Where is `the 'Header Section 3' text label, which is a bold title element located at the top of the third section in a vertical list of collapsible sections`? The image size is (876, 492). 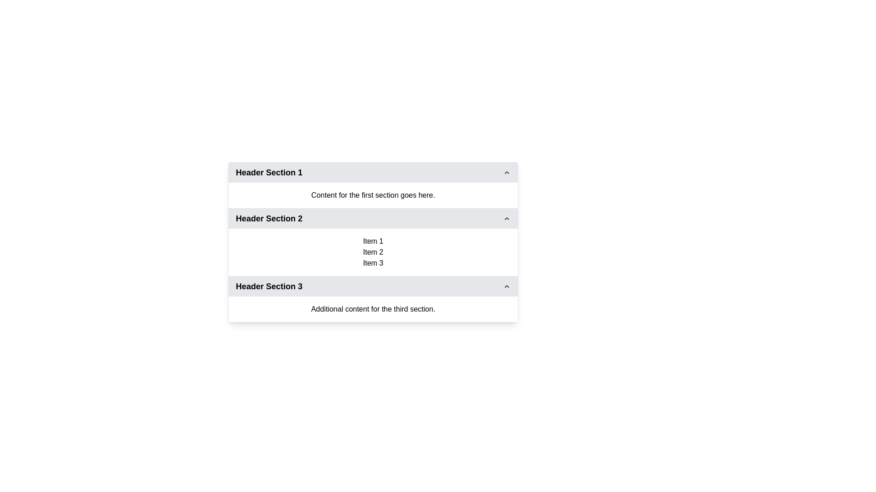 the 'Header Section 3' text label, which is a bold title element located at the top of the third section in a vertical list of collapsible sections is located at coordinates (269, 286).